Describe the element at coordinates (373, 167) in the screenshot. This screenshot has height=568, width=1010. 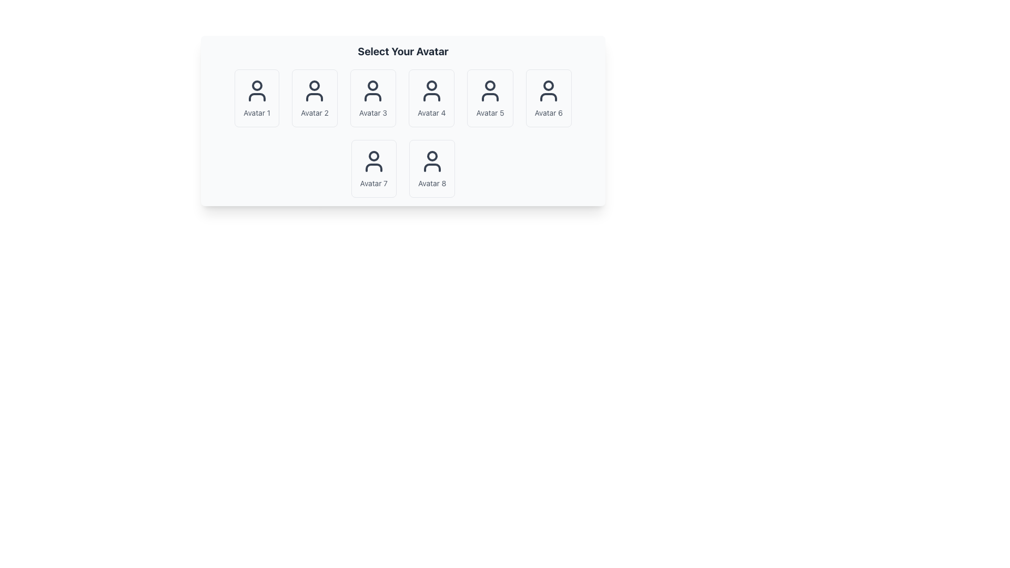
I see `properties of the lower body Icon Component within 'Avatar 7' in the avatar selection grid` at that location.